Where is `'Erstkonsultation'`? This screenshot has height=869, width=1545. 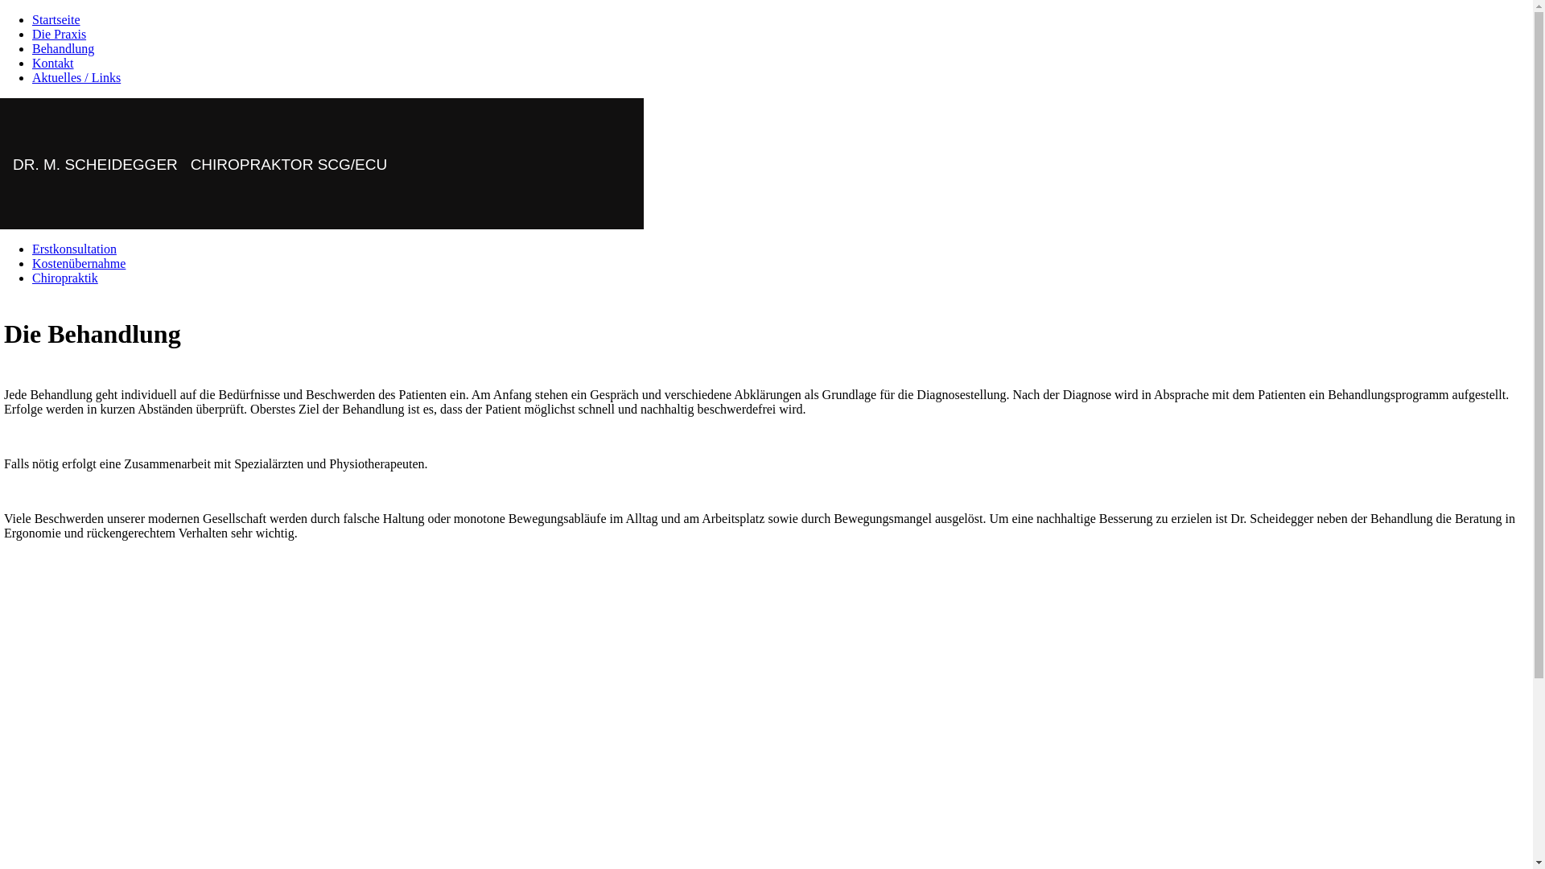
'Erstkonsultation' is located at coordinates (73, 249).